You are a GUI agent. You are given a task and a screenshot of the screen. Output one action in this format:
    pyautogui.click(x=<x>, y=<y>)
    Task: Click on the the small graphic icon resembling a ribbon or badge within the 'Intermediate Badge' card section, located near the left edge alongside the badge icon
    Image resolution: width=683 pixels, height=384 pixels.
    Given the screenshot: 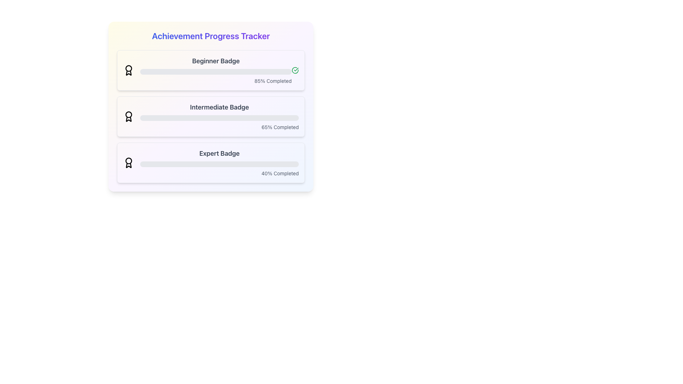 What is the action you would take?
    pyautogui.click(x=128, y=119)
    